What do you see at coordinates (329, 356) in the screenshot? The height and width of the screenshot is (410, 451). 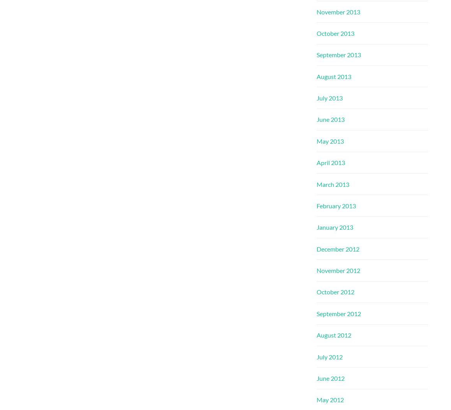 I see `'July 2012'` at bounding box center [329, 356].